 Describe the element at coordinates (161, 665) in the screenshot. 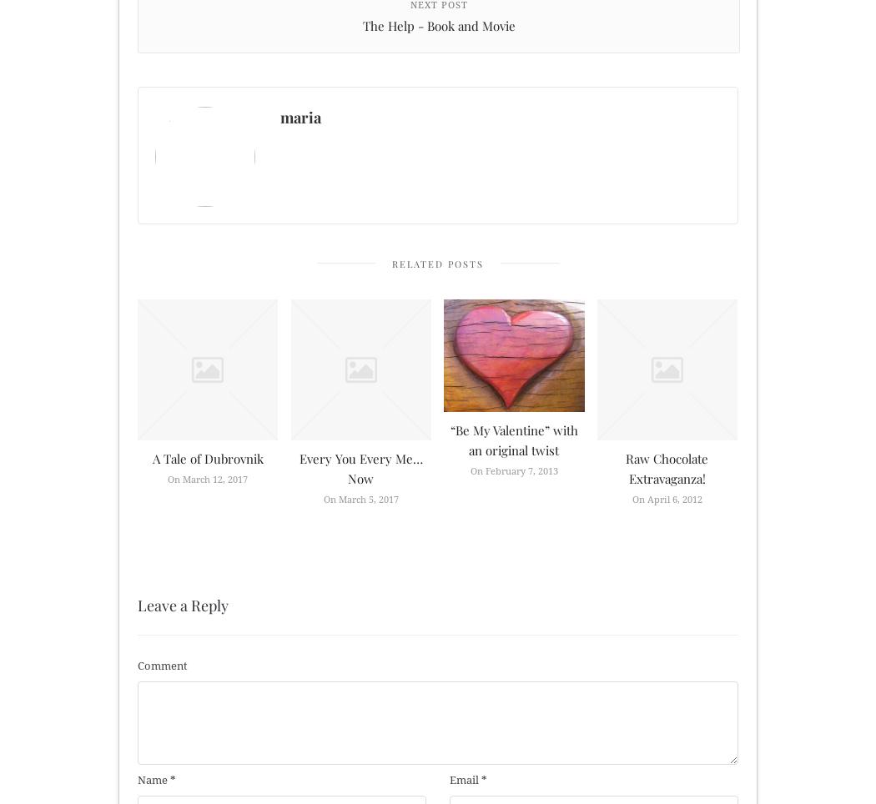

I see `'Comment'` at that location.